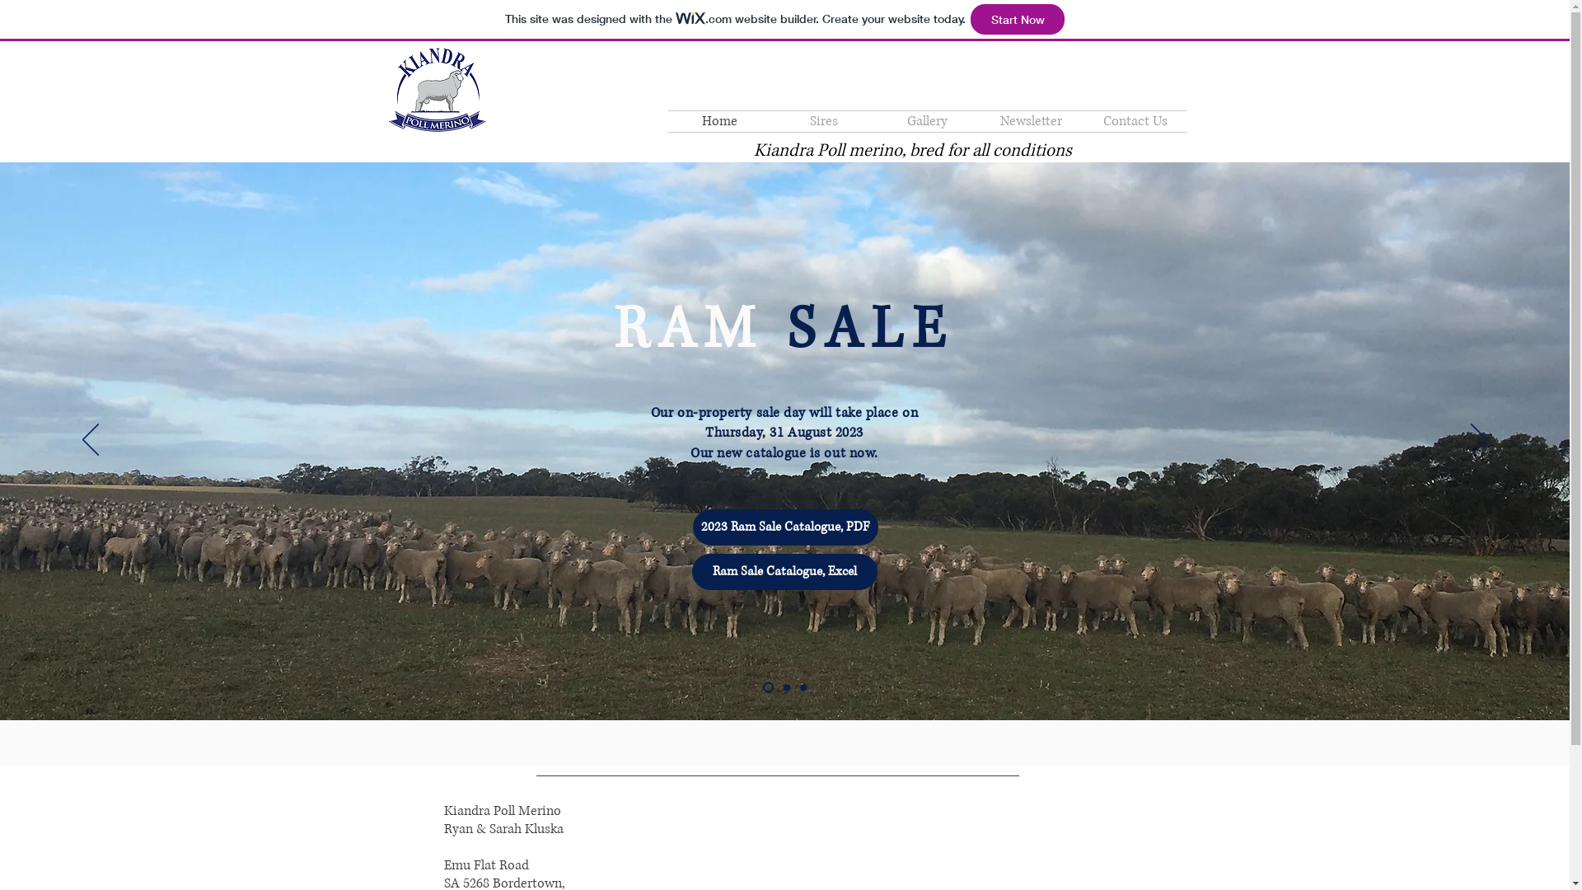 Image resolution: width=1582 pixels, height=890 pixels. Describe the element at coordinates (719, 120) in the screenshot. I see `'Home'` at that location.